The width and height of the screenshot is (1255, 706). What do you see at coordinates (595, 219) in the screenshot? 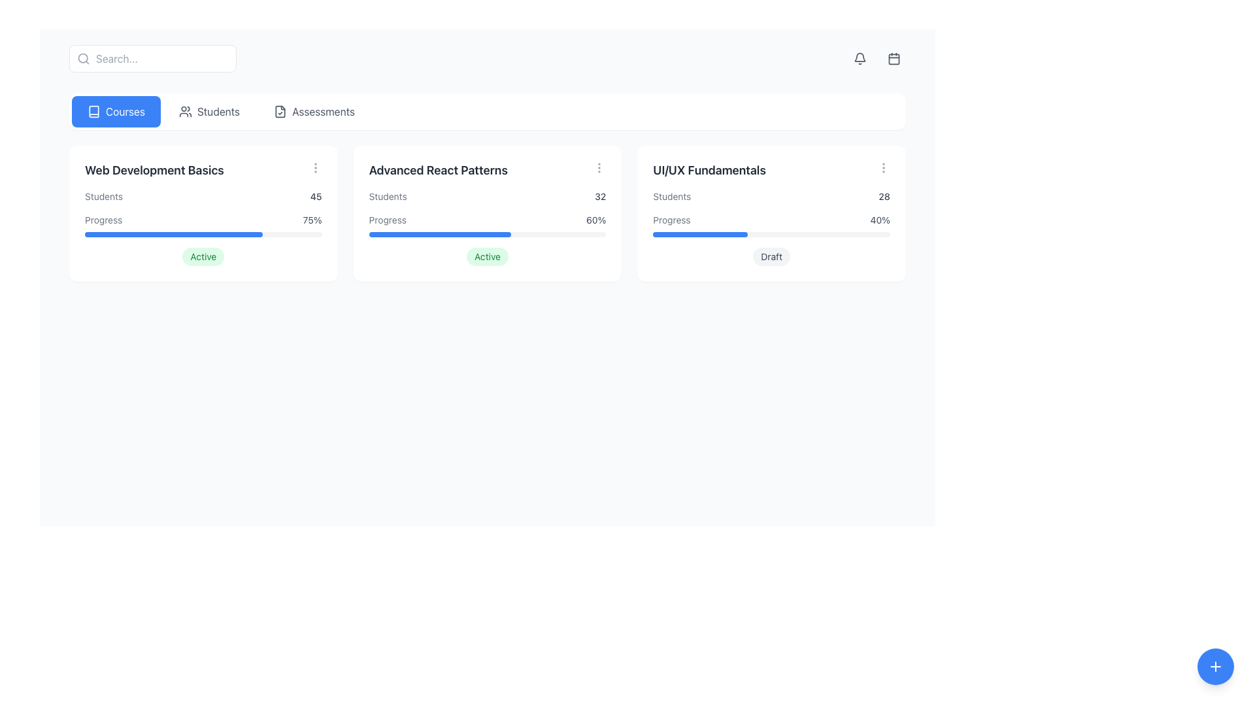
I see `the textual display showing '60%' in a dark gray font within the 'Advanced React Patterns' card, located at the rightmost side of the progress details section` at bounding box center [595, 219].